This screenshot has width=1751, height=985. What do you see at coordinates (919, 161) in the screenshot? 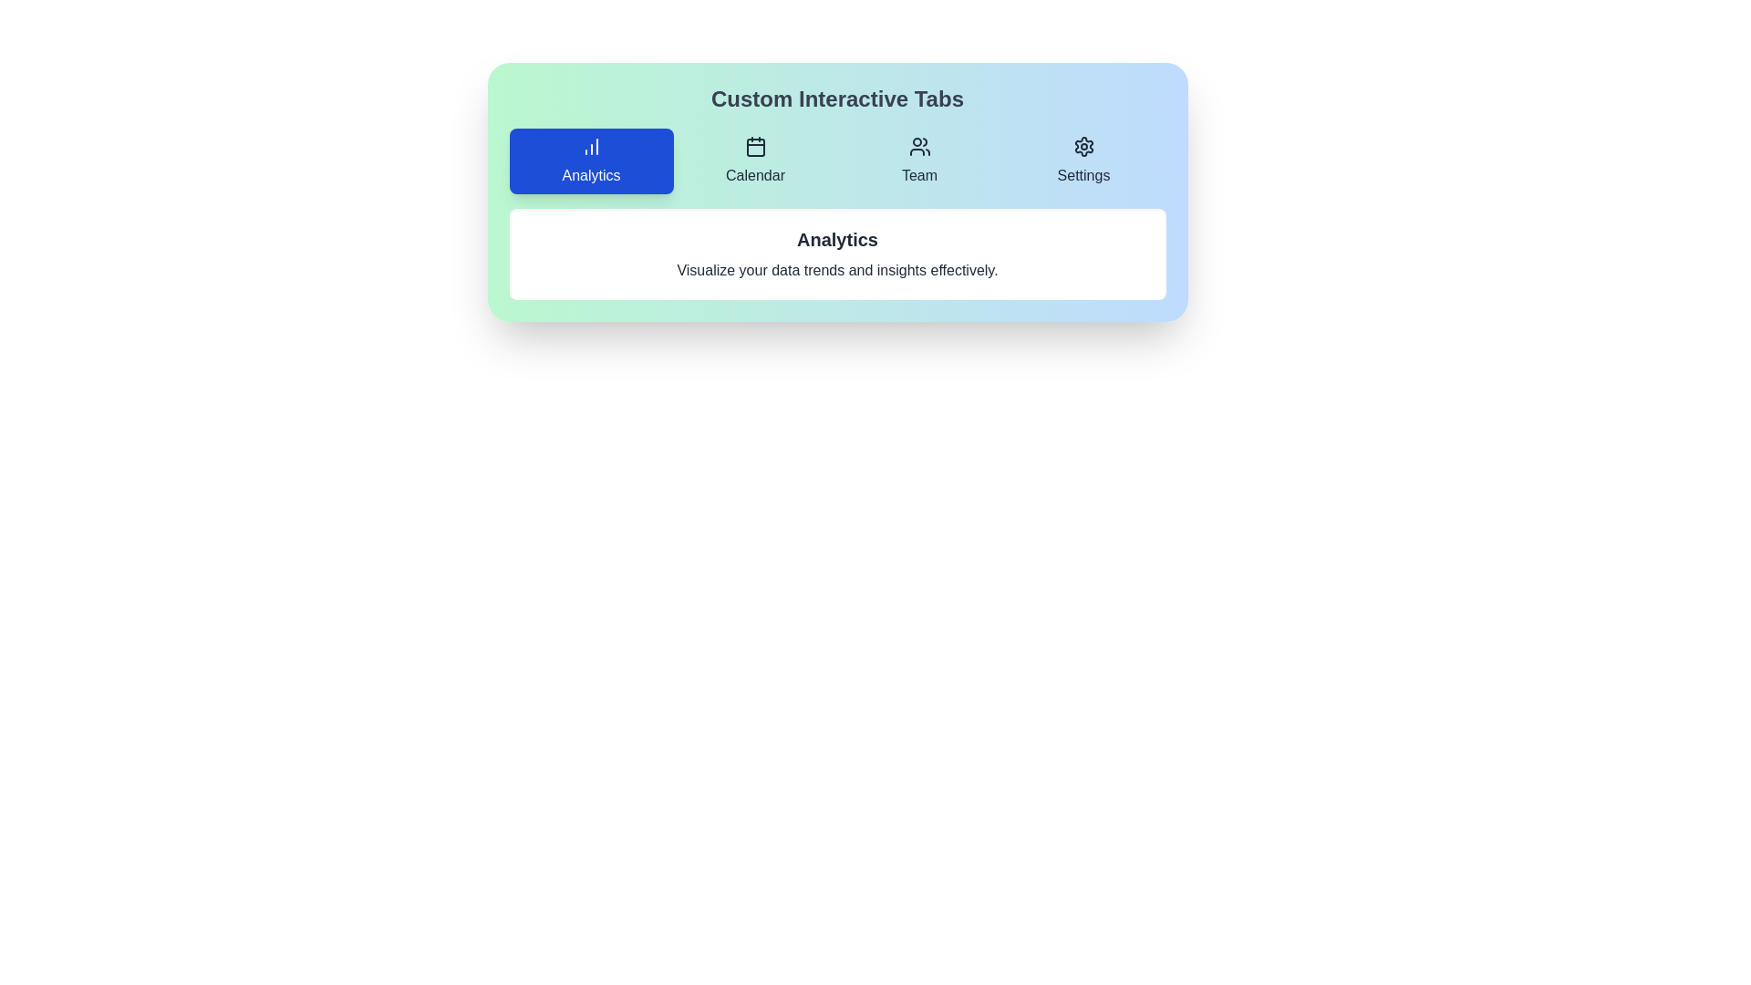
I see `the 'Team' button which features an icon of a group of people and a text label reading 'Team'` at bounding box center [919, 161].